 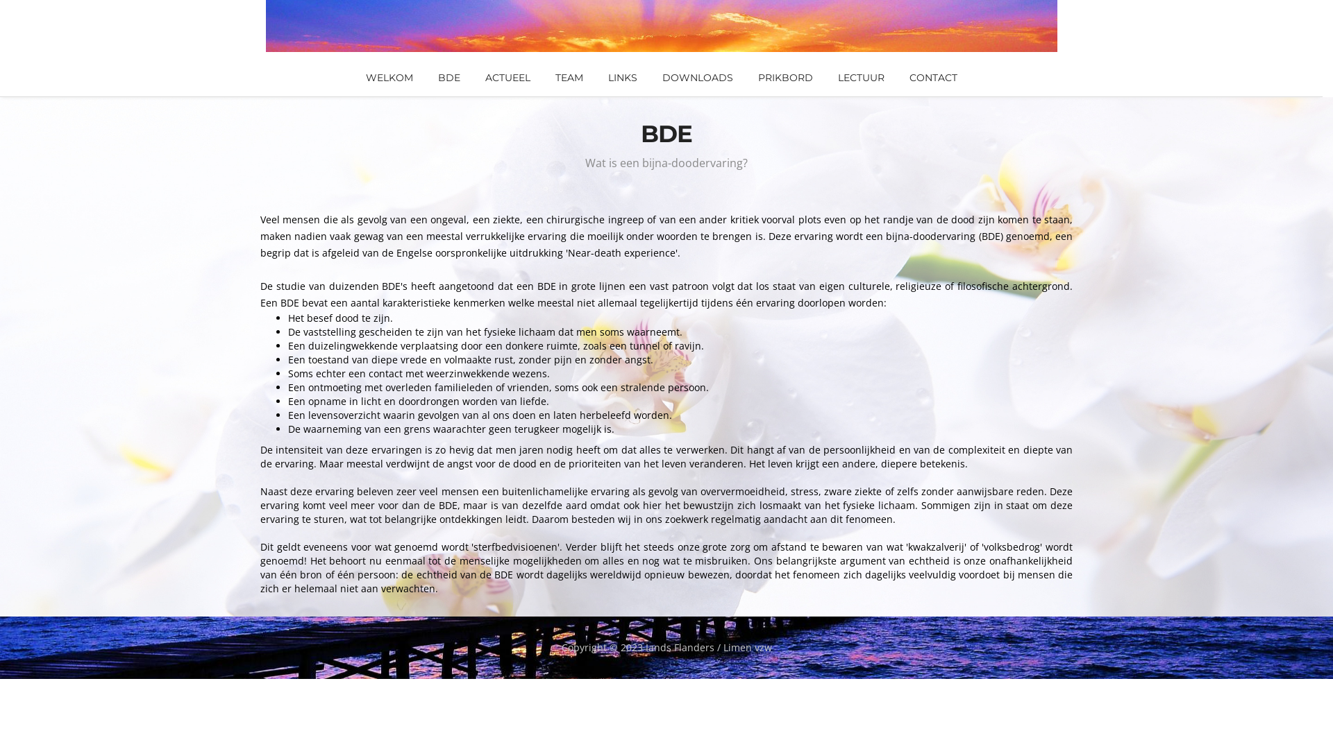 I want to click on 'BDE', so click(x=448, y=77).